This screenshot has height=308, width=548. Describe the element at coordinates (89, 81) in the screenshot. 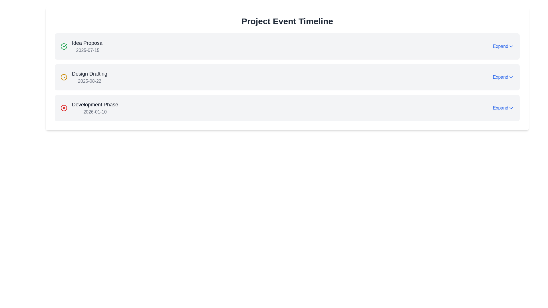

I see `date text associated with the 'Design Drafting' item in the 'Project Event Timeline' list, which is located directly below it` at that location.